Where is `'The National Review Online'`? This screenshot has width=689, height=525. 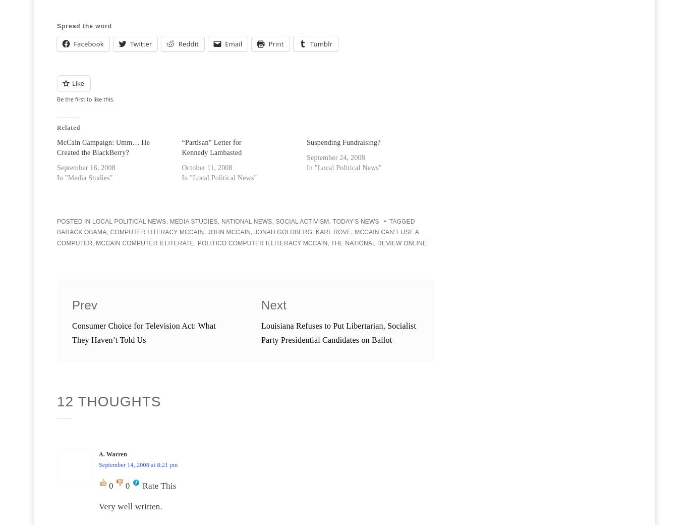
'The National Review Online' is located at coordinates (379, 243).